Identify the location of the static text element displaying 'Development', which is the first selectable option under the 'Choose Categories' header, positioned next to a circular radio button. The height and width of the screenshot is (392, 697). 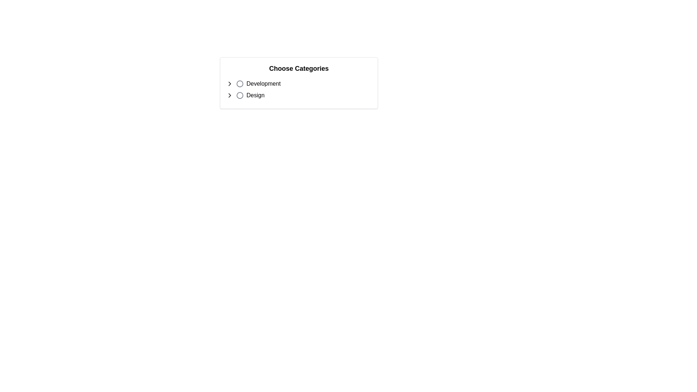
(263, 83).